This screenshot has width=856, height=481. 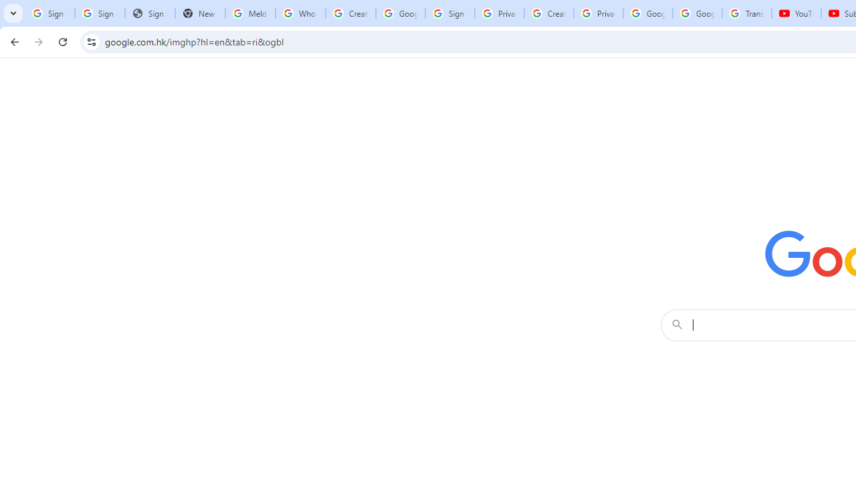 What do you see at coordinates (548, 13) in the screenshot?
I see `'Create your Google Account'` at bounding box center [548, 13].